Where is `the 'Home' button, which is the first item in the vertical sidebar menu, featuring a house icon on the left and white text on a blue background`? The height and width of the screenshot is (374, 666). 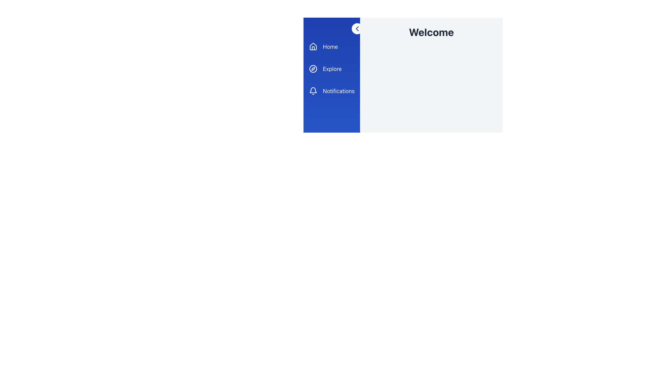
the 'Home' button, which is the first item in the vertical sidebar menu, featuring a house icon on the left and white text on a blue background is located at coordinates (323, 47).